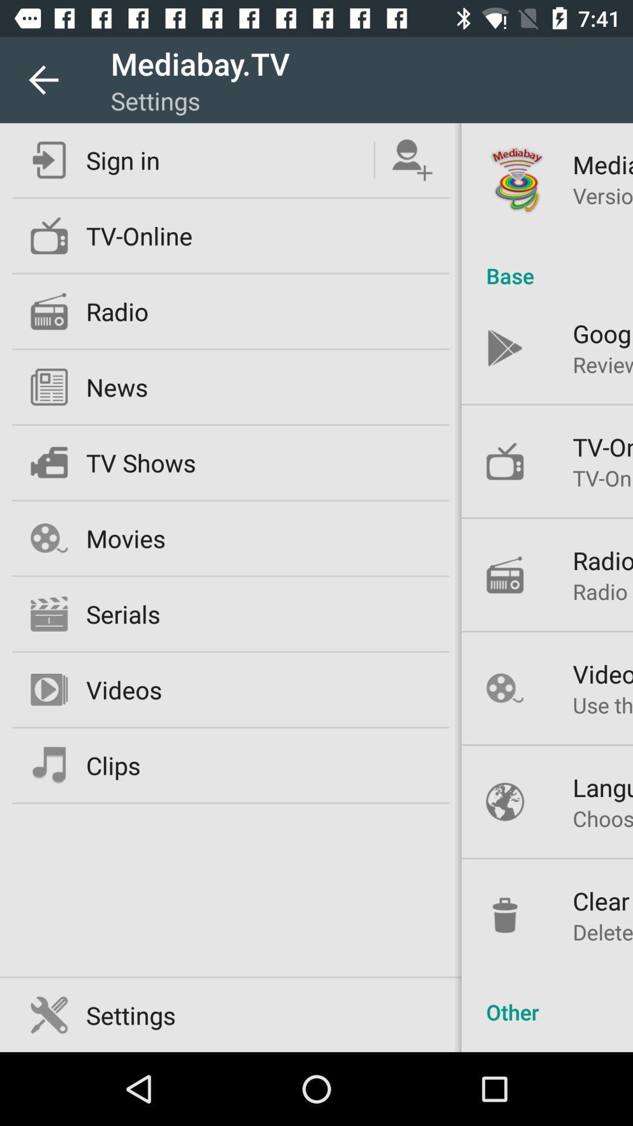 Image resolution: width=633 pixels, height=1126 pixels. Describe the element at coordinates (123, 613) in the screenshot. I see `serials` at that location.